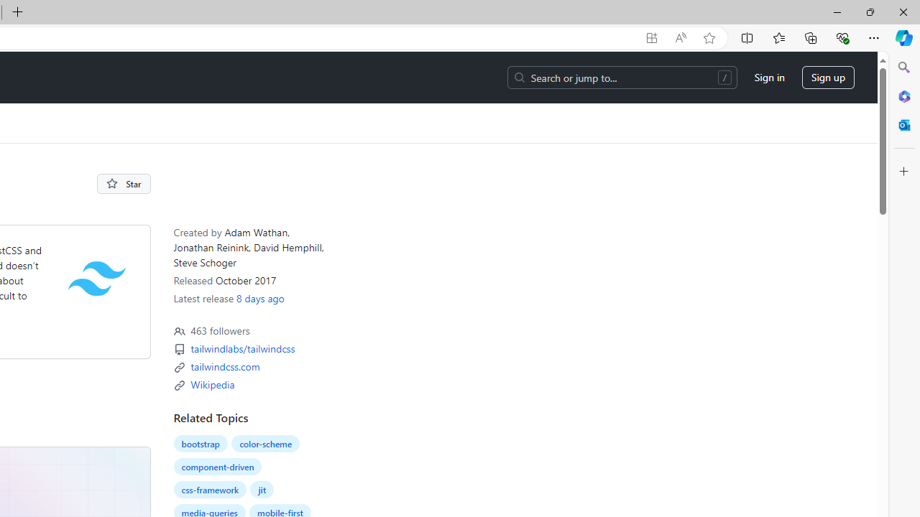 Image resolution: width=920 pixels, height=517 pixels. Describe the element at coordinates (96, 278) in the screenshot. I see `'tailwind logo'` at that location.